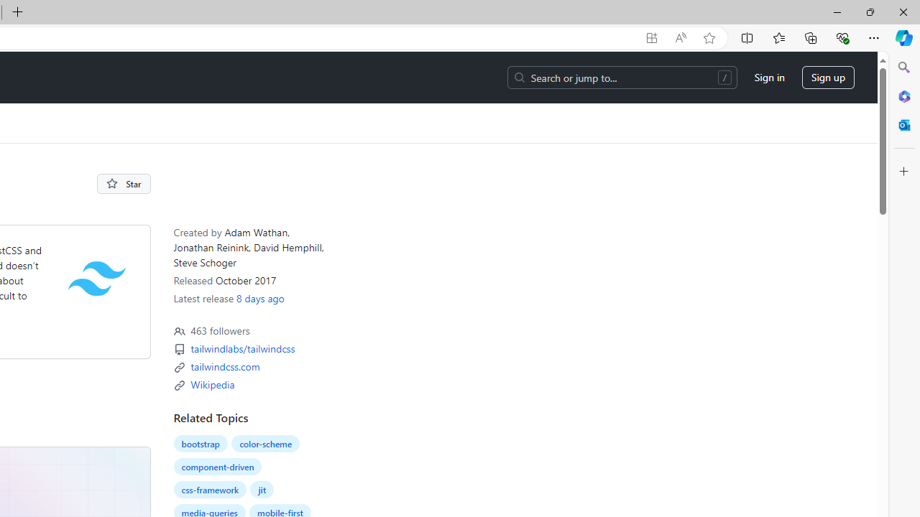 Image resolution: width=920 pixels, height=517 pixels. Describe the element at coordinates (96, 278) in the screenshot. I see `'tailwind logo'` at that location.